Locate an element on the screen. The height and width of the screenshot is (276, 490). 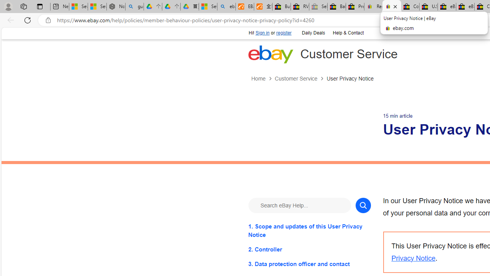
'Customer Service' is located at coordinates (296, 79).